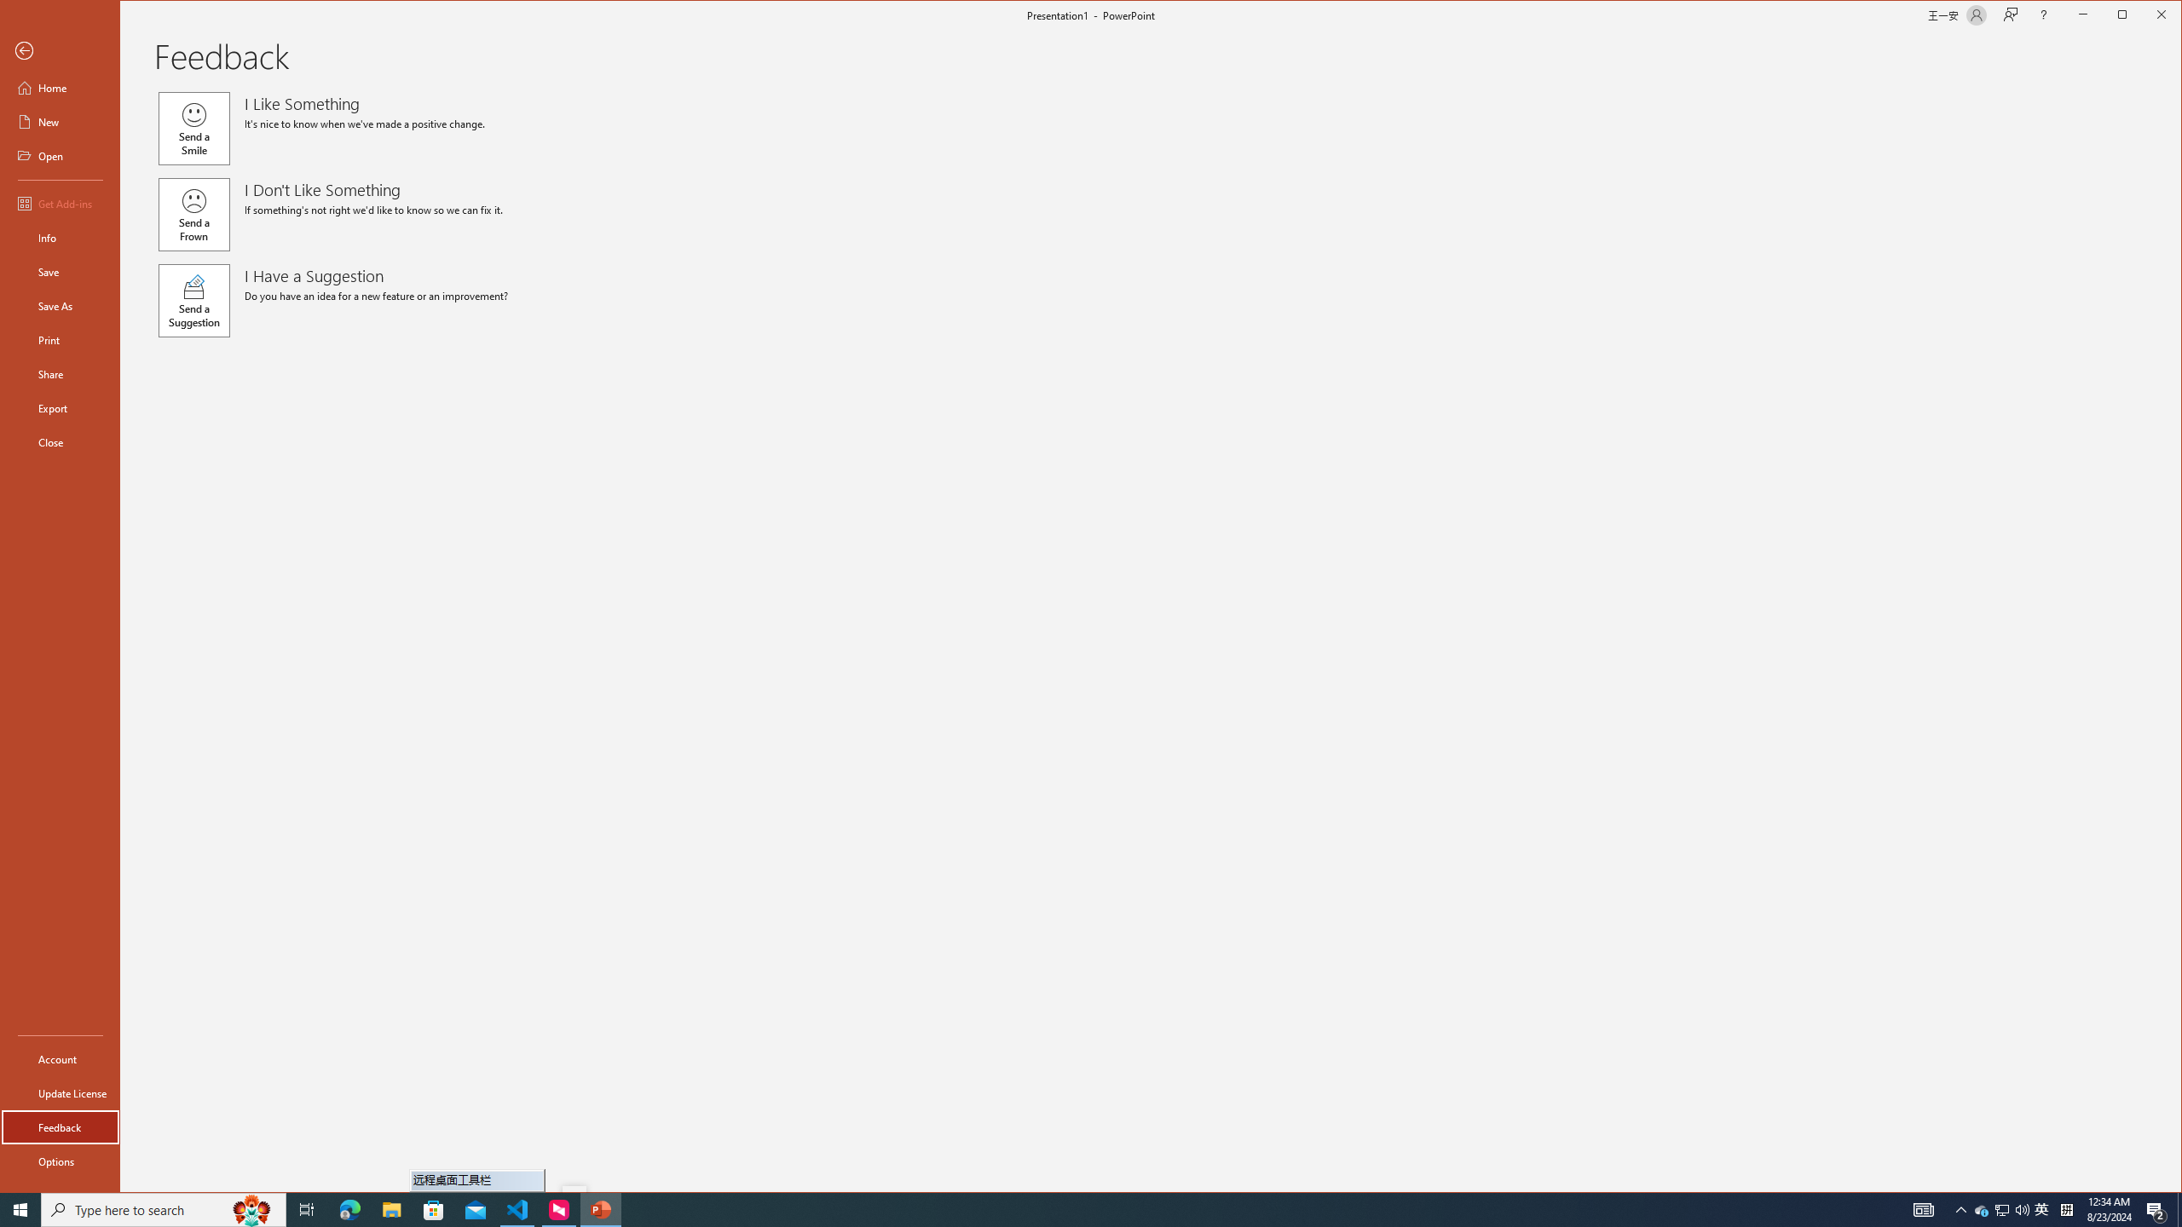 This screenshot has width=2182, height=1227. What do you see at coordinates (2179, 1208) in the screenshot?
I see `'Show desktop'` at bounding box center [2179, 1208].